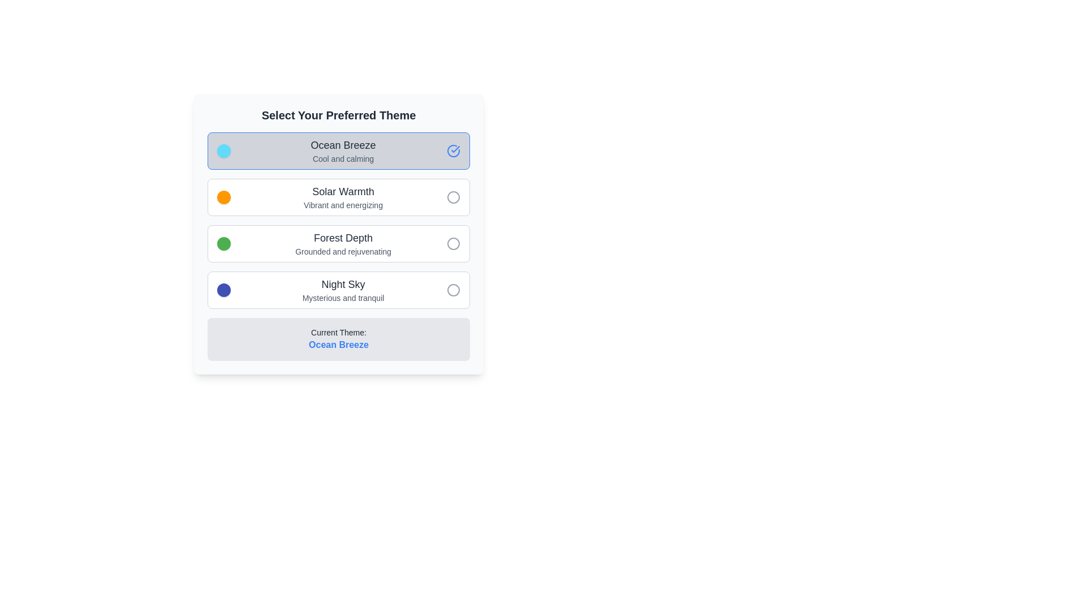 The image size is (1086, 611). Describe the element at coordinates (223, 196) in the screenshot. I see `the vibrant orange circular UI indicator located to the left of the 'Solar Warmth' theme option` at that location.